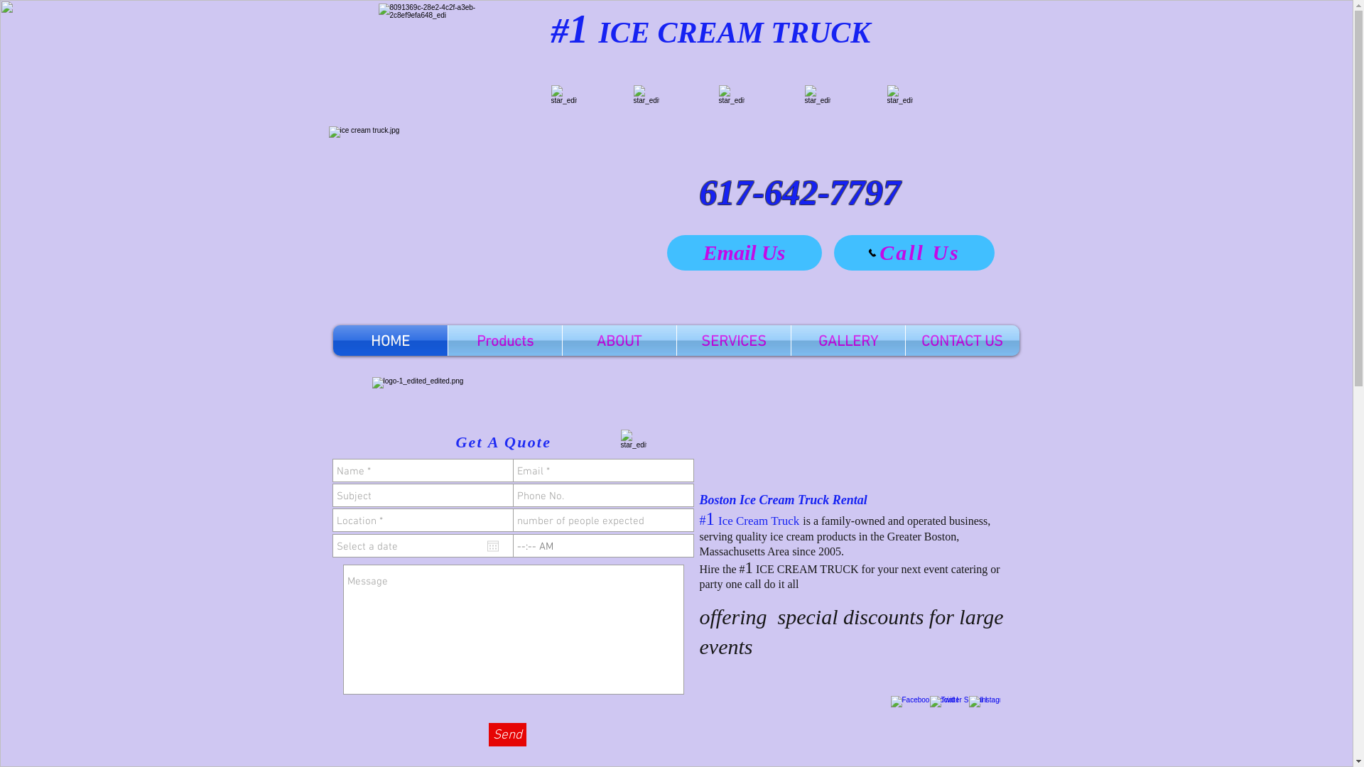 This screenshot has height=767, width=1364. Describe the element at coordinates (619, 340) in the screenshot. I see `'ABOUT'` at that location.